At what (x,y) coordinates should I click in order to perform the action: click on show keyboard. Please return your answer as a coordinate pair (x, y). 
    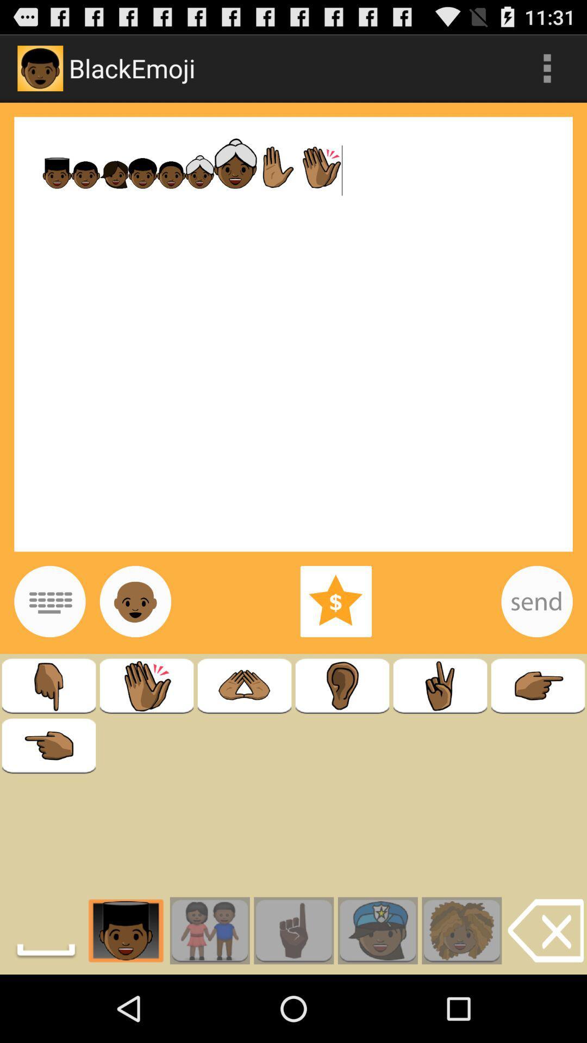
    Looking at the image, I should click on (49, 601).